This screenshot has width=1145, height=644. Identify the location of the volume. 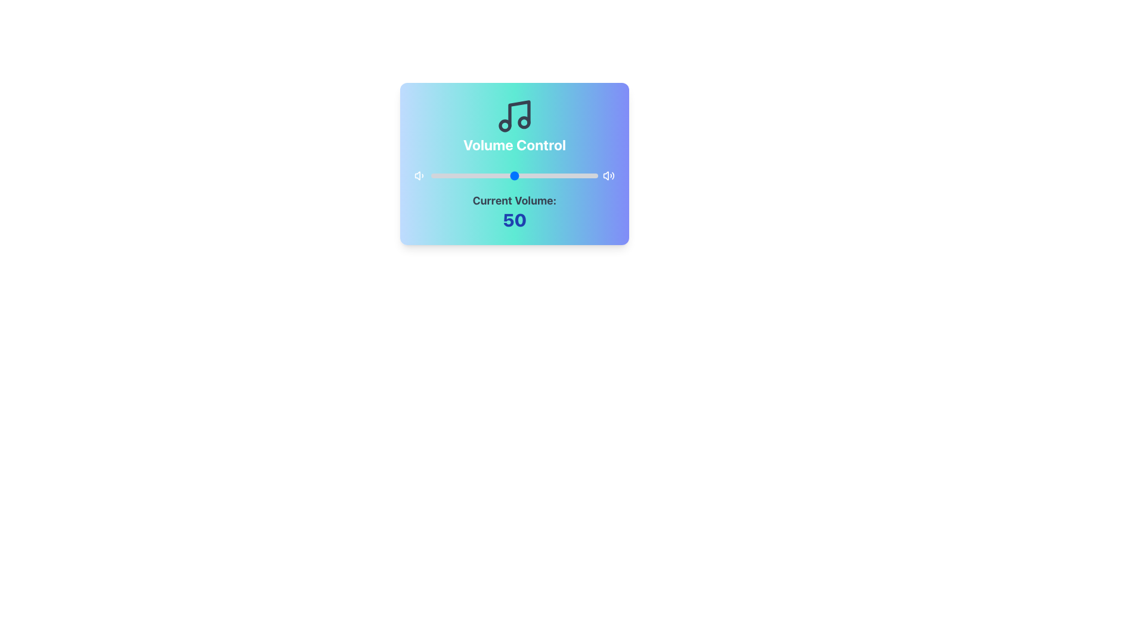
(584, 175).